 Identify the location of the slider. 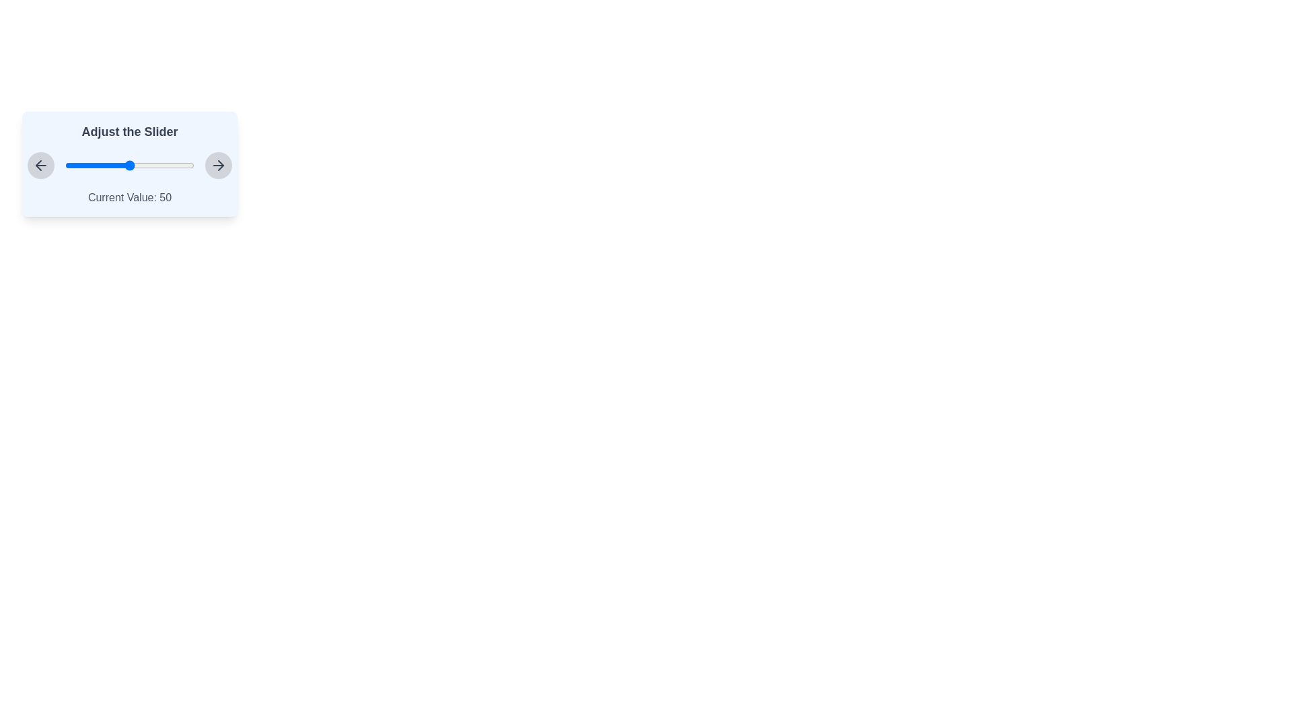
(104, 165).